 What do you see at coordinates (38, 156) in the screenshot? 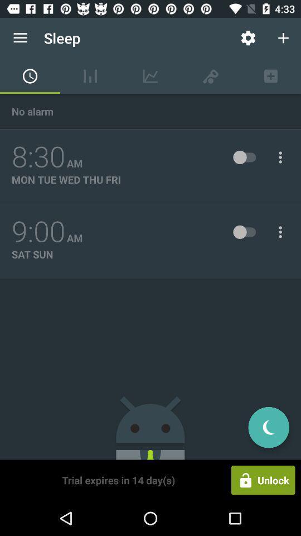
I see `the 8:30 item` at bounding box center [38, 156].